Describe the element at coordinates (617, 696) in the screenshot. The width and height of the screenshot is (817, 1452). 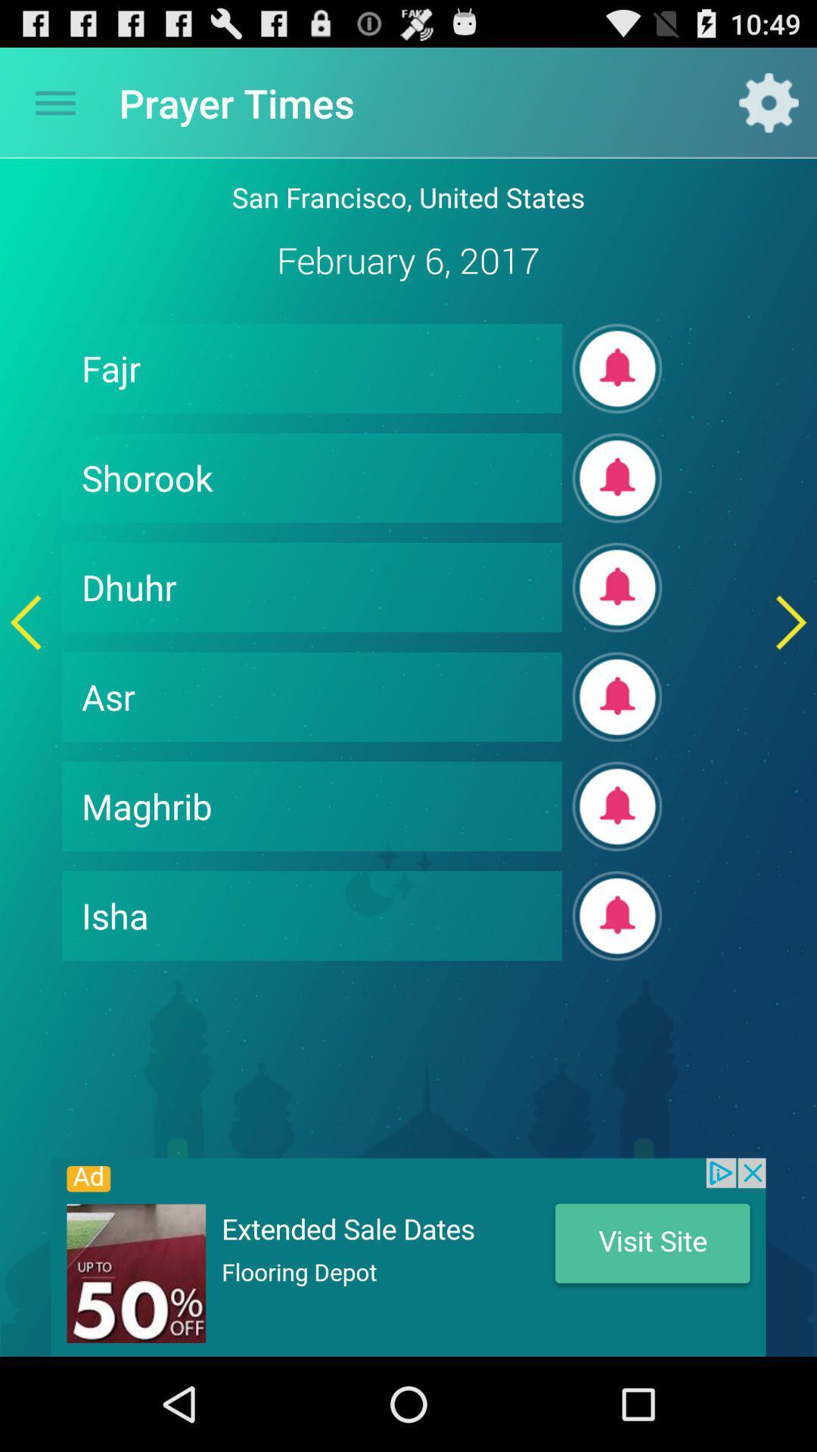
I see `alarm box` at that location.